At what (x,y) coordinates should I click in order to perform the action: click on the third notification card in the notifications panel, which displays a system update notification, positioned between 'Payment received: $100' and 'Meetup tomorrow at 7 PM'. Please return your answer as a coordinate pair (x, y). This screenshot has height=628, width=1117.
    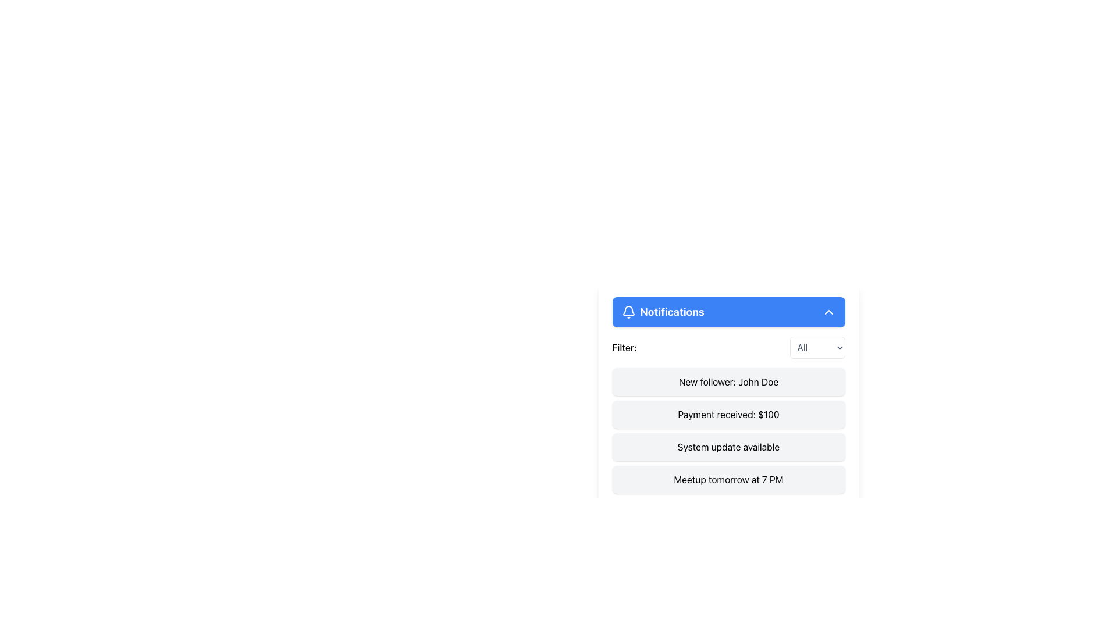
    Looking at the image, I should click on (728, 446).